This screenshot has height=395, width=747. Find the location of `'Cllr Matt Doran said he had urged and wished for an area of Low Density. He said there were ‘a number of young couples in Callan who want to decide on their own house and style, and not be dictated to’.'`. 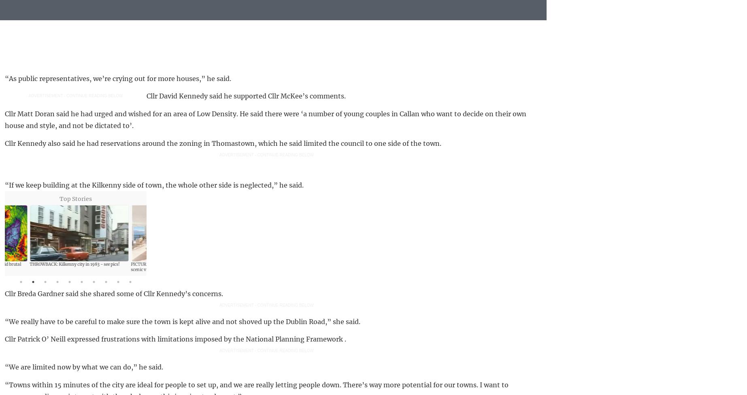

'Cllr Matt Doran said he had urged and wished for an area of Low Density. He said there were ‘a number of young couples in Callan who want to decide on their own house and style, and not be dictated to’.' is located at coordinates (266, 119).